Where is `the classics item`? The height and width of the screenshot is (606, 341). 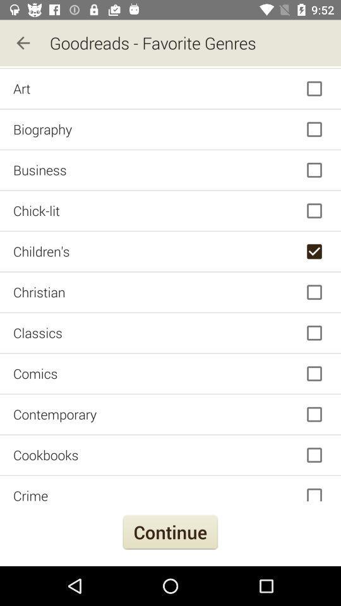
the classics item is located at coordinates (170, 332).